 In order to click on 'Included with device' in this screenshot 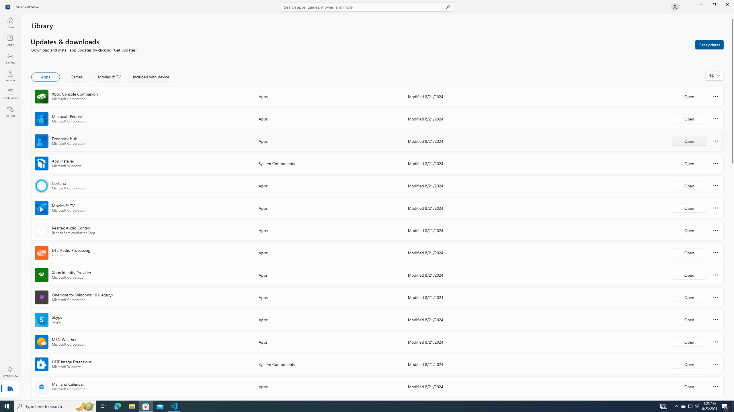, I will do `click(151, 77)`.